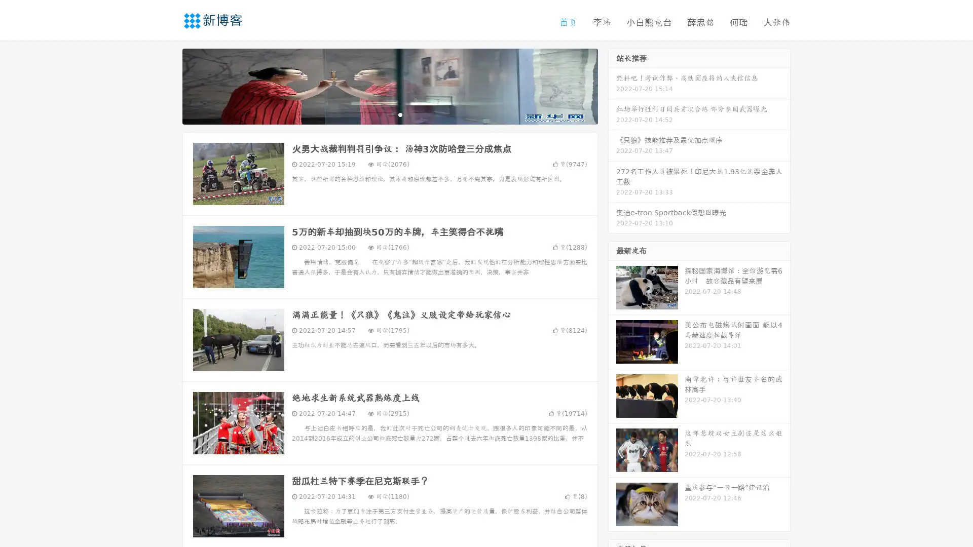 This screenshot has height=547, width=973. I want to click on Go to slide 2, so click(389, 114).